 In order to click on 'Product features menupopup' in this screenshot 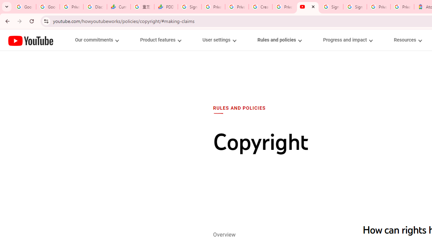, I will do `click(160, 40)`.